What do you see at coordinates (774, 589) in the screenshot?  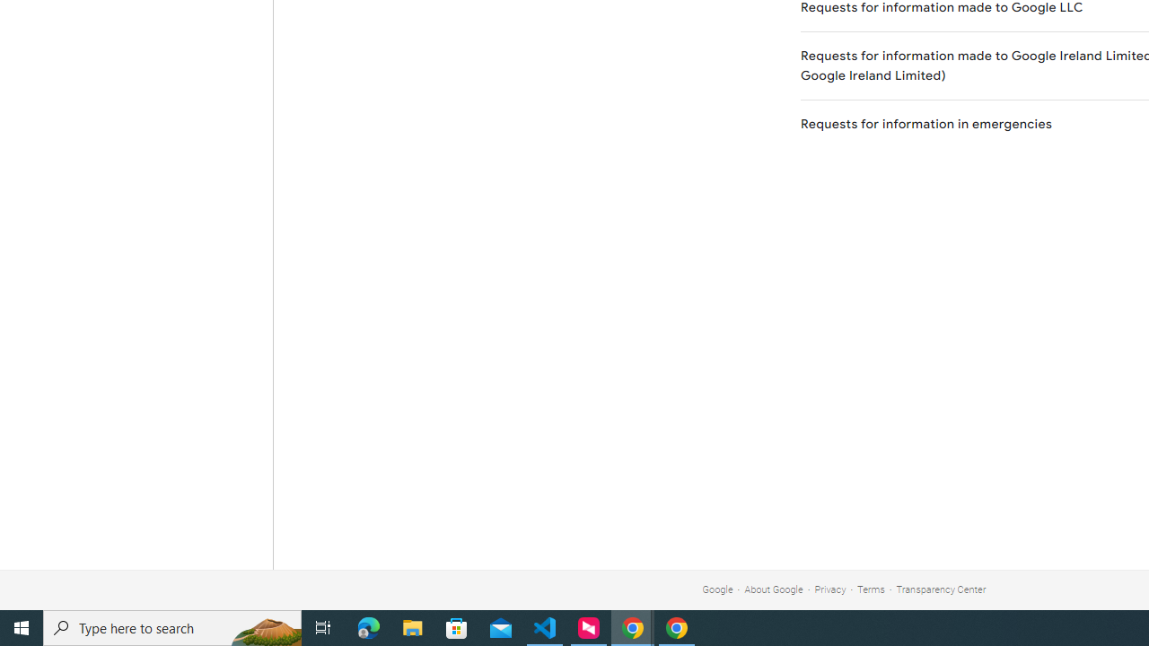 I see `'About Google'` at bounding box center [774, 589].